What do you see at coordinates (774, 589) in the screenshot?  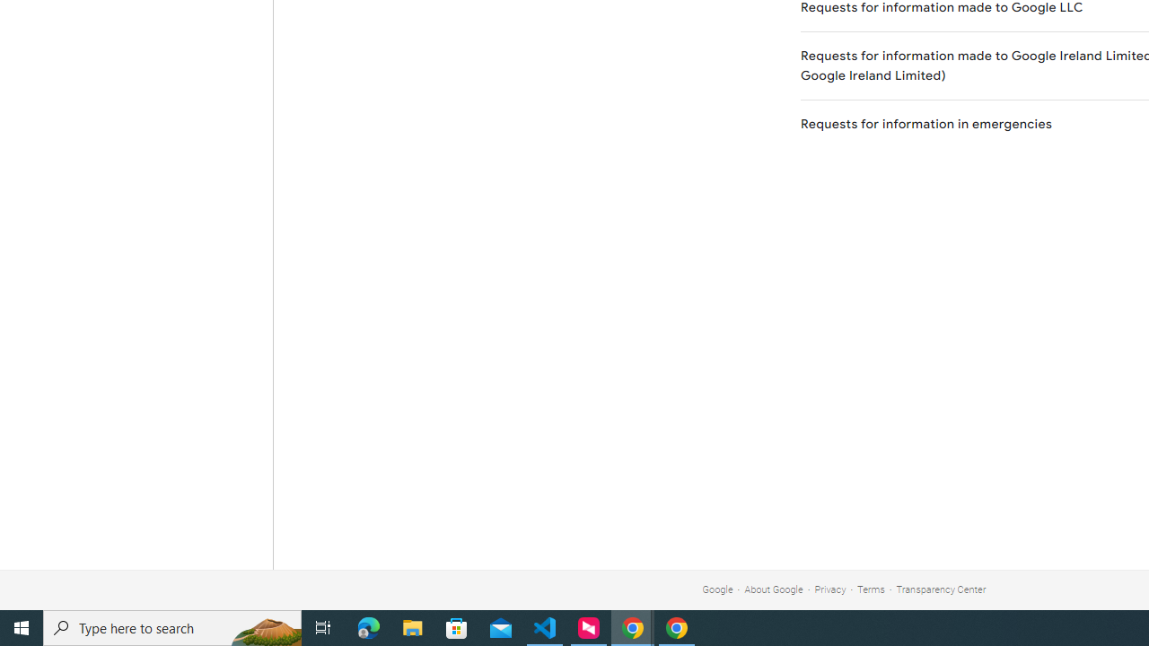 I see `'About Google'` at bounding box center [774, 589].